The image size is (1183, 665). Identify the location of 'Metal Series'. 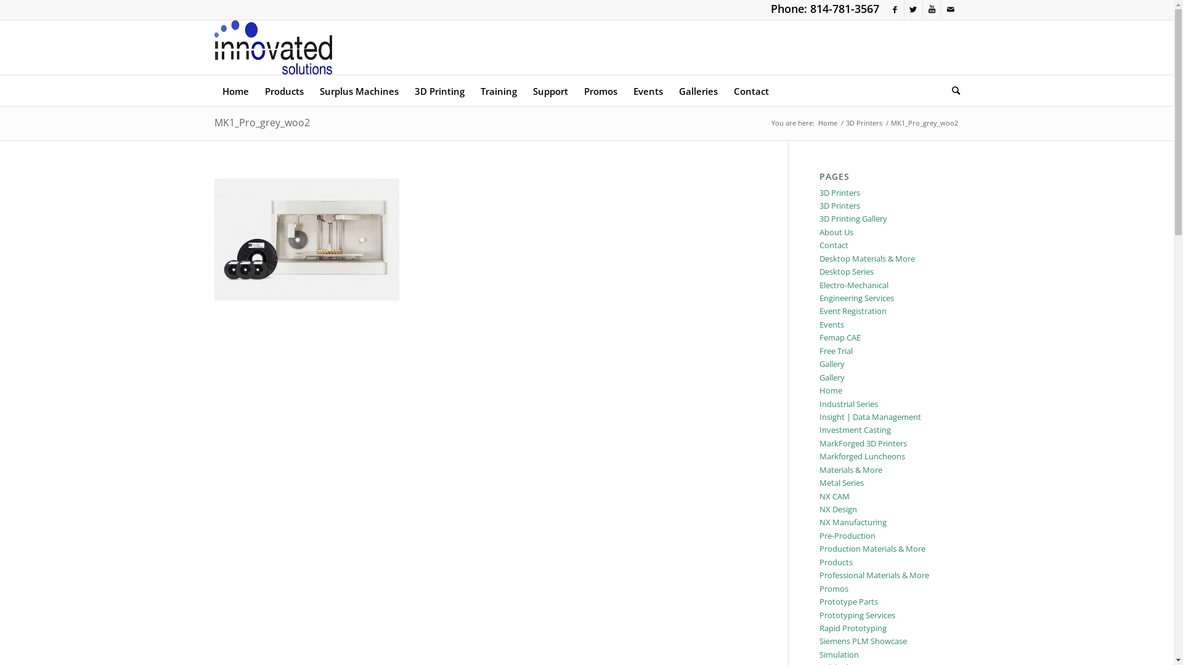
(819, 482).